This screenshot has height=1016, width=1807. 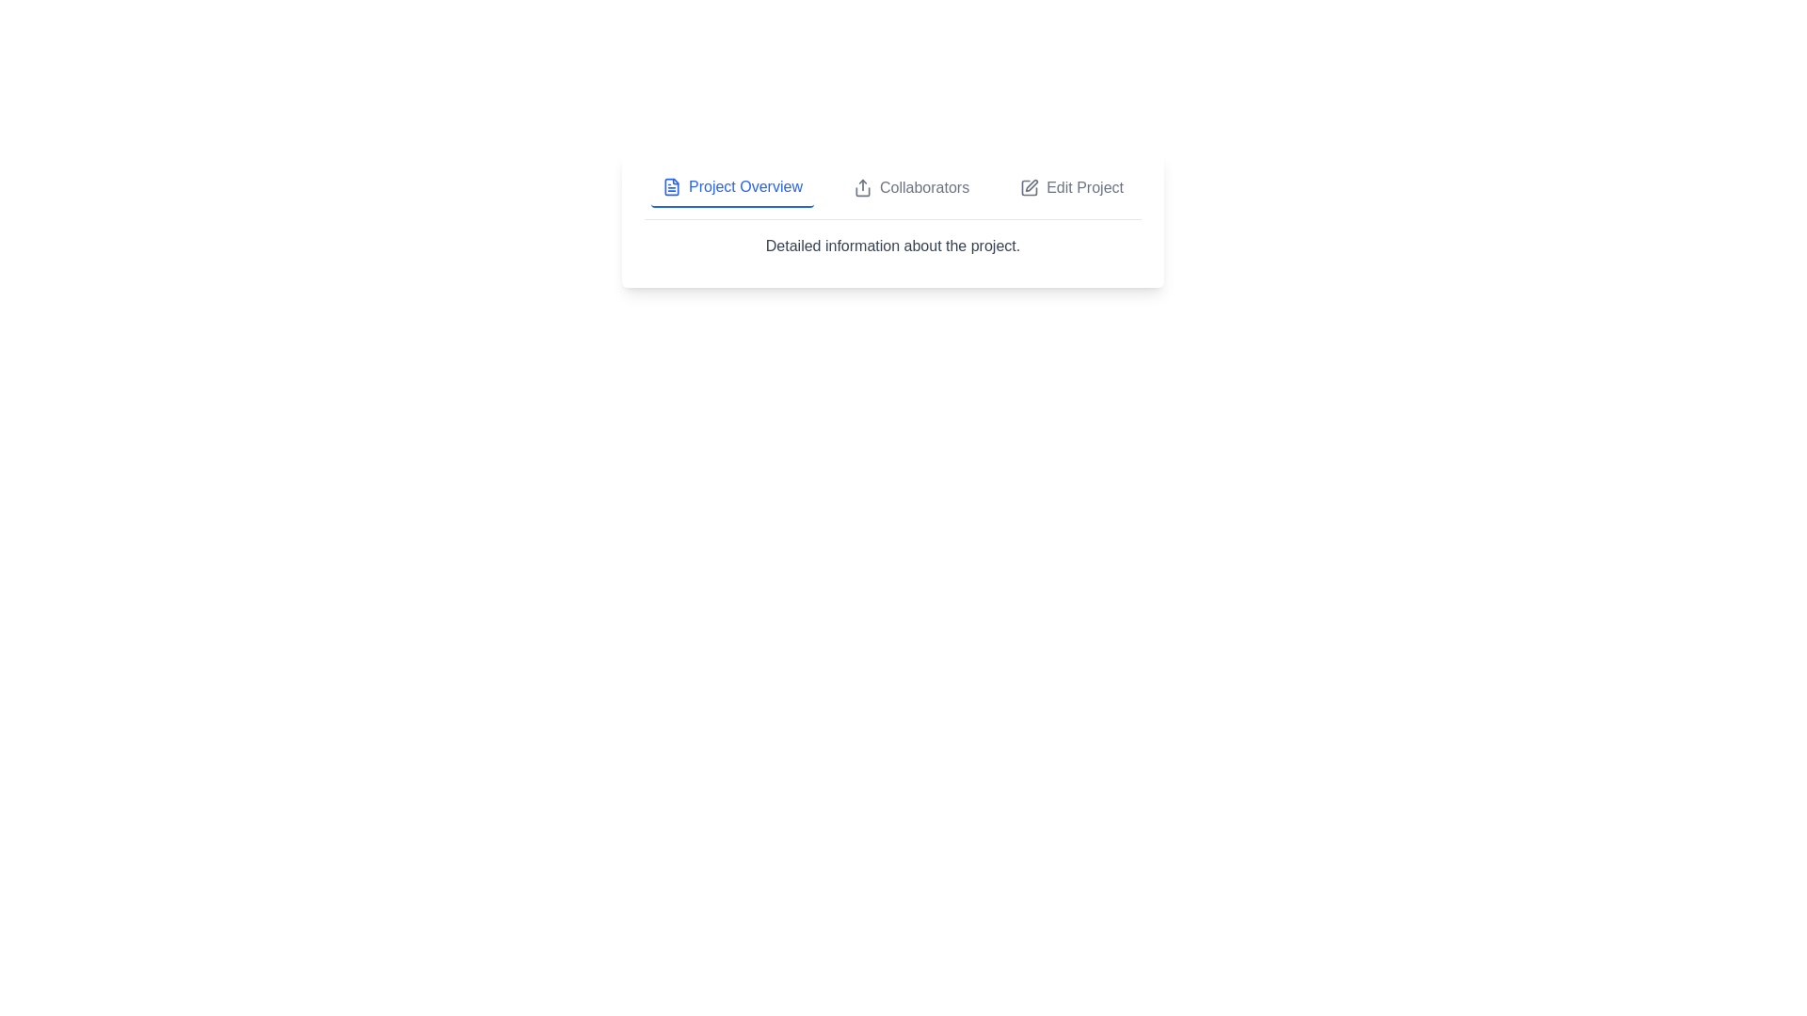 I want to click on the tab titled Edit Project to switch the content, so click(x=1071, y=188).